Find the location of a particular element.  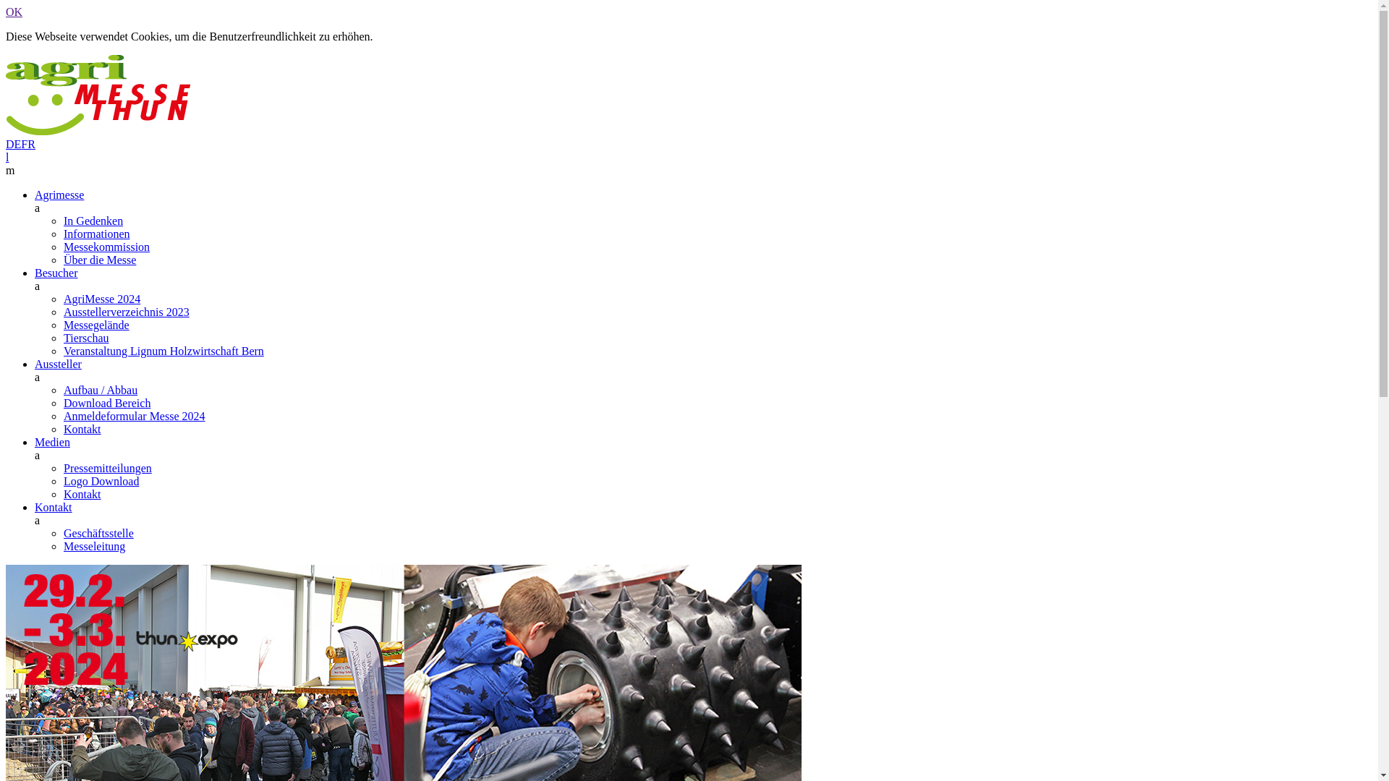

'Veranstaltung Lignum Holzwirtschaft Bern' is located at coordinates (163, 351).